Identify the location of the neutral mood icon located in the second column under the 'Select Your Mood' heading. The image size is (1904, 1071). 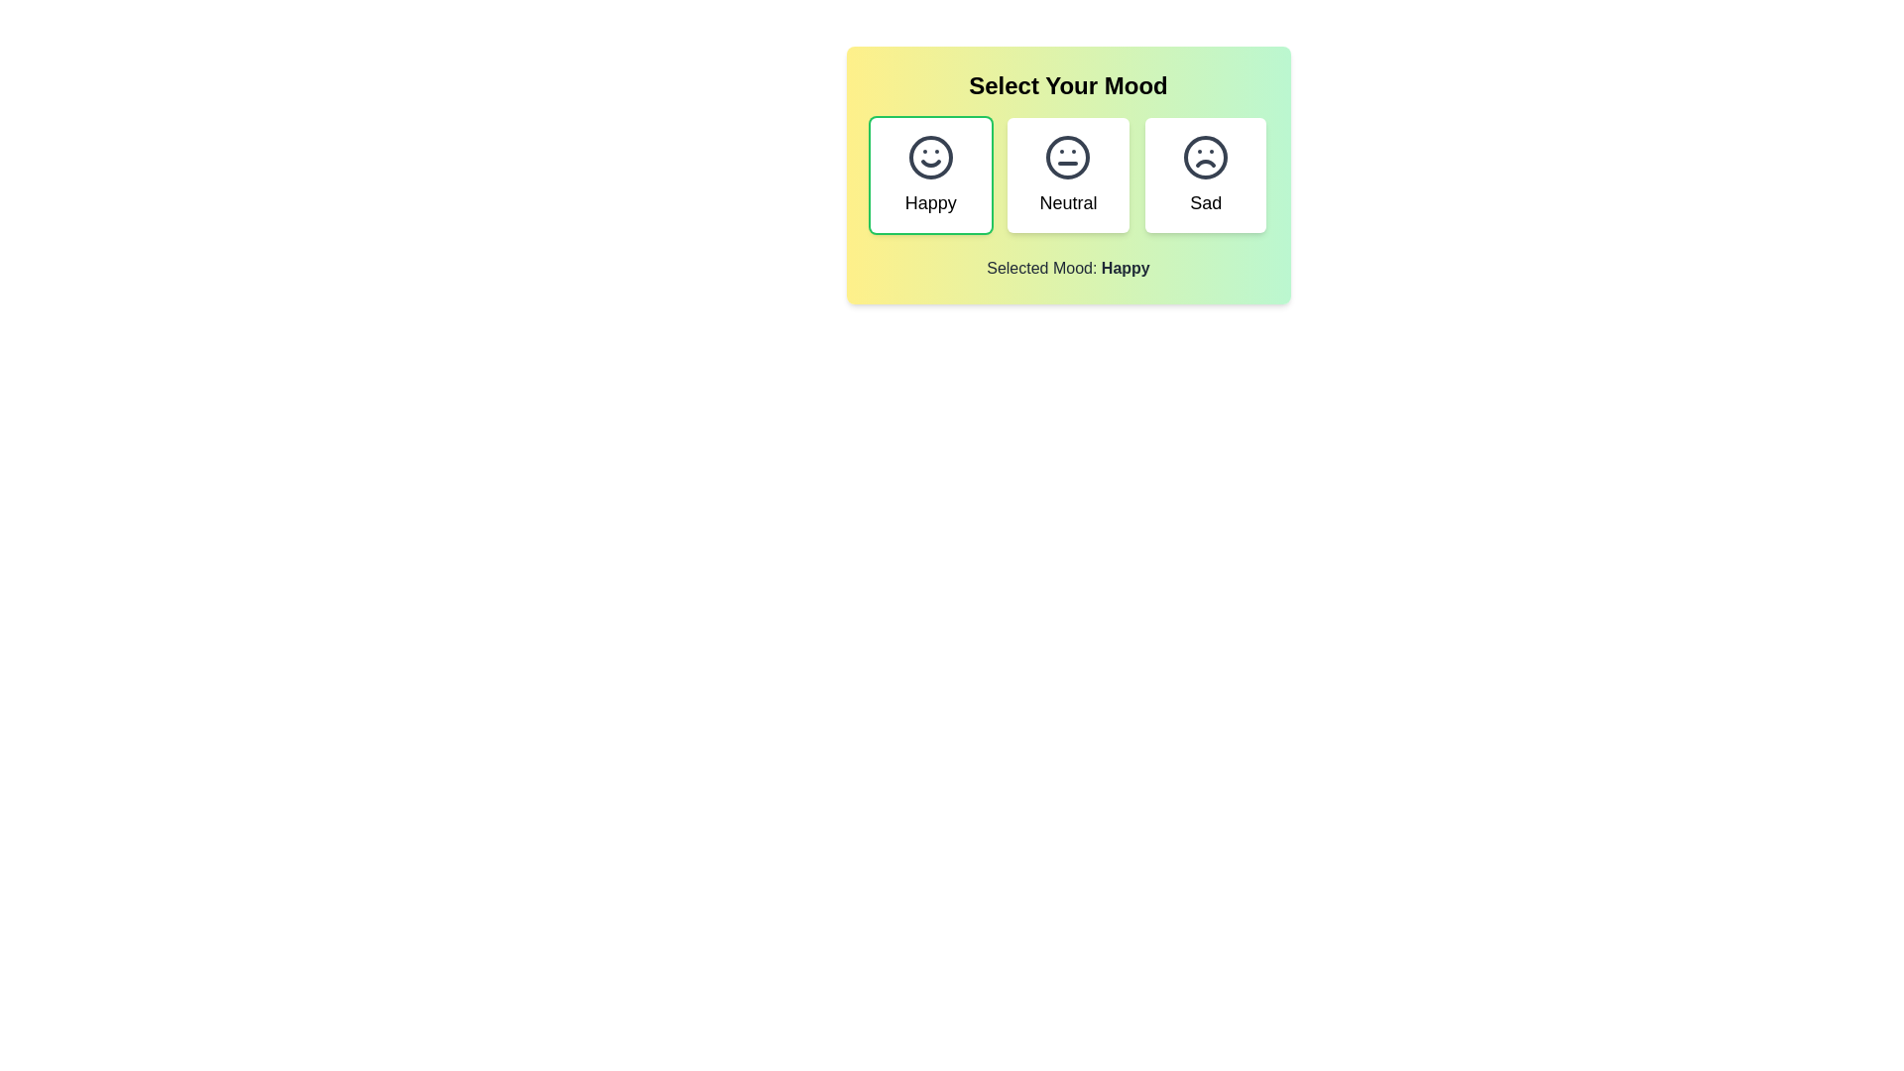
(1067, 156).